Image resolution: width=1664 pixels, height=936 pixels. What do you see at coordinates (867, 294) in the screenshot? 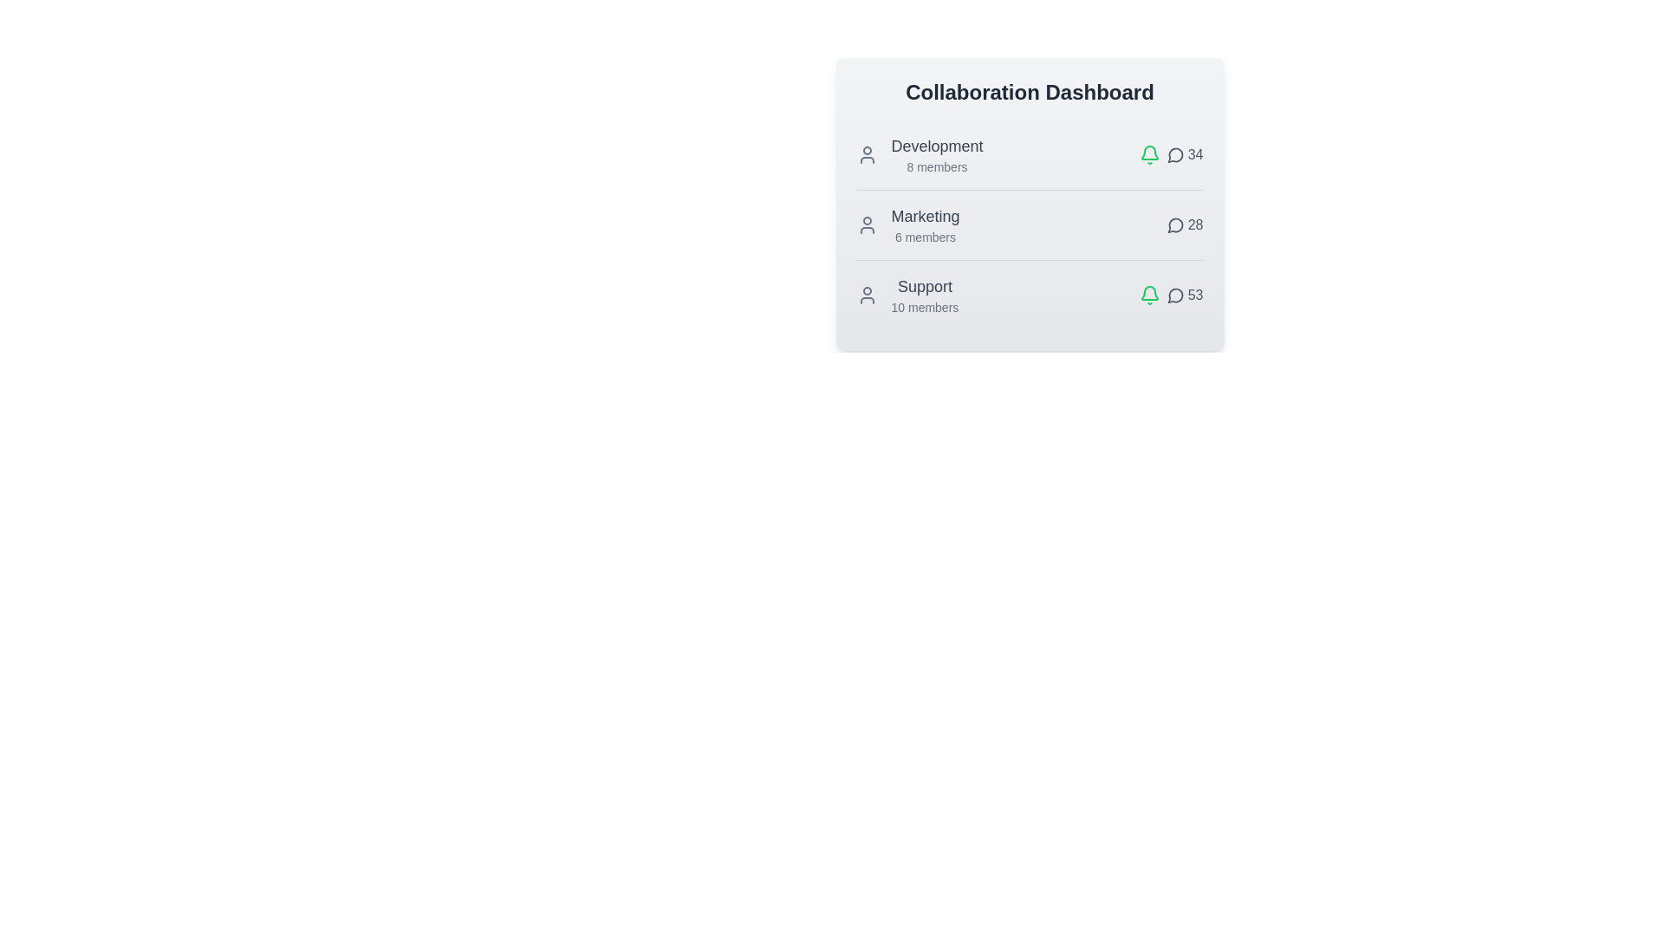
I see `the user icon of the Support team` at bounding box center [867, 294].